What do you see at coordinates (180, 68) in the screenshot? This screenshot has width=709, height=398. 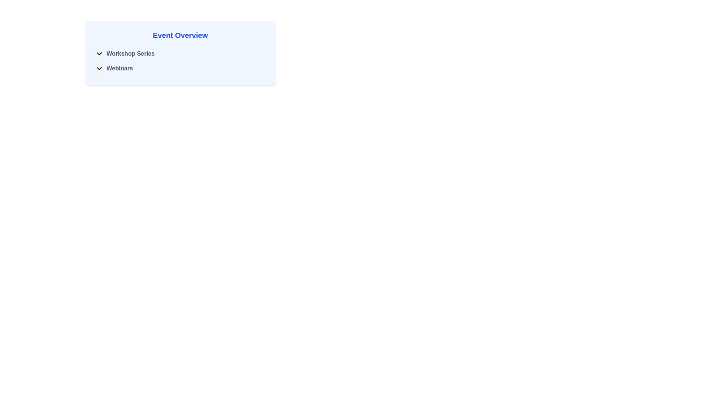 I see `the second item` at bounding box center [180, 68].